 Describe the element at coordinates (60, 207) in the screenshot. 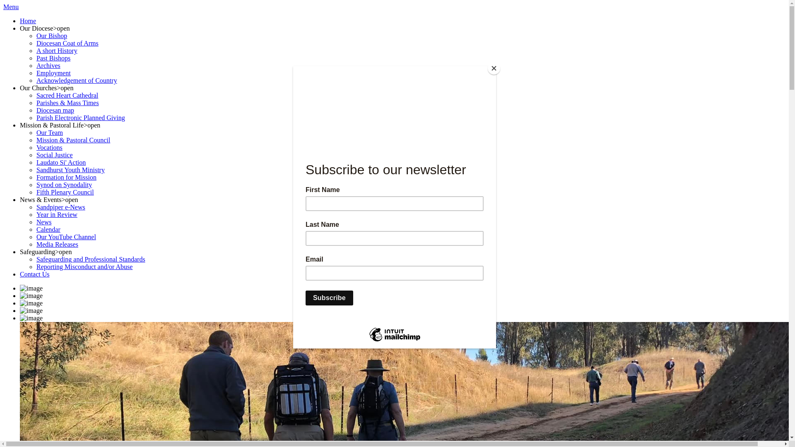

I see `'Sandpiper e-News'` at that location.